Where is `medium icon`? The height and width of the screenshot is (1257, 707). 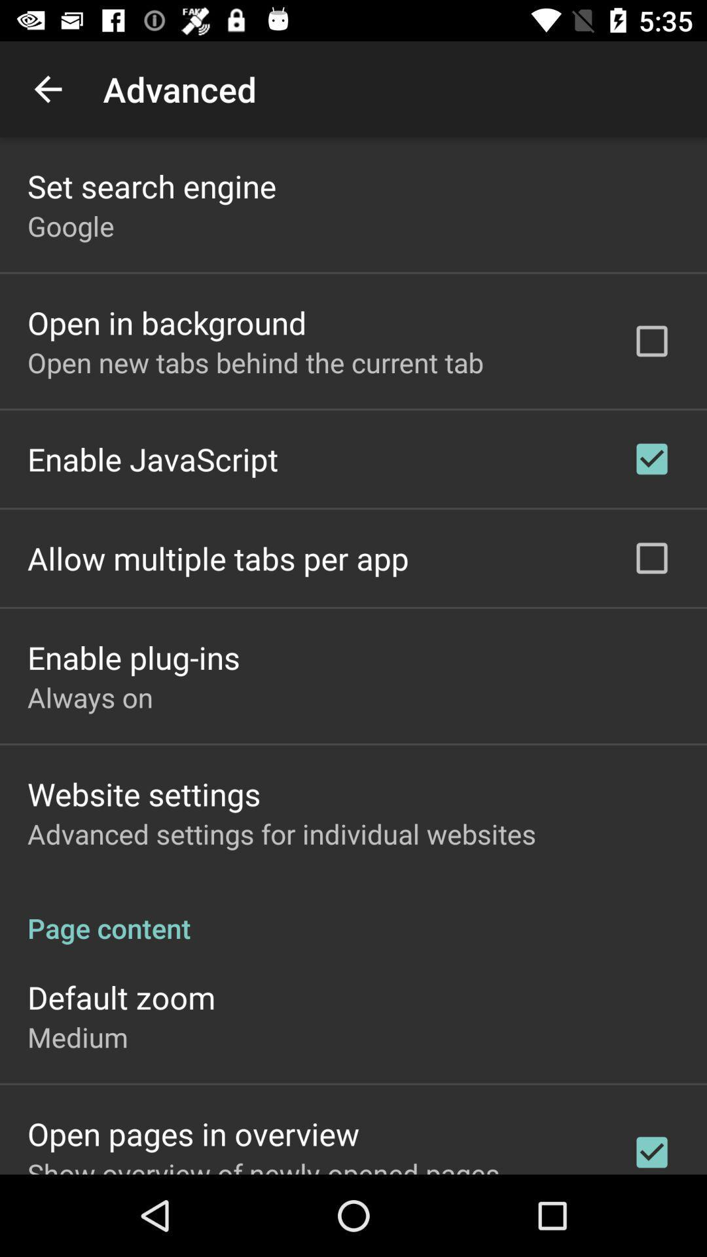 medium icon is located at coordinates (77, 1036).